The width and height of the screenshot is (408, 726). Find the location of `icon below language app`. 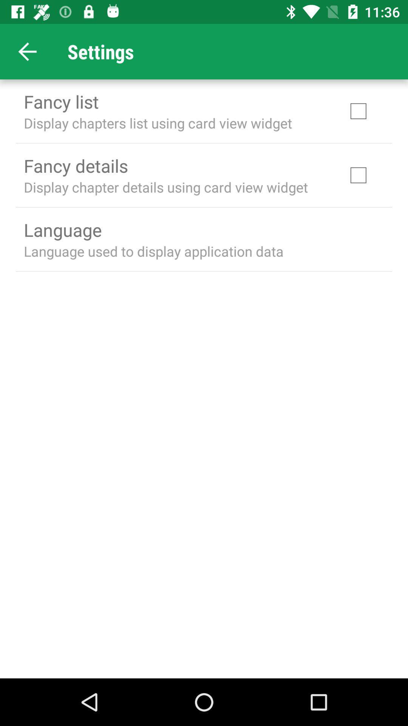

icon below language app is located at coordinates (153, 251).